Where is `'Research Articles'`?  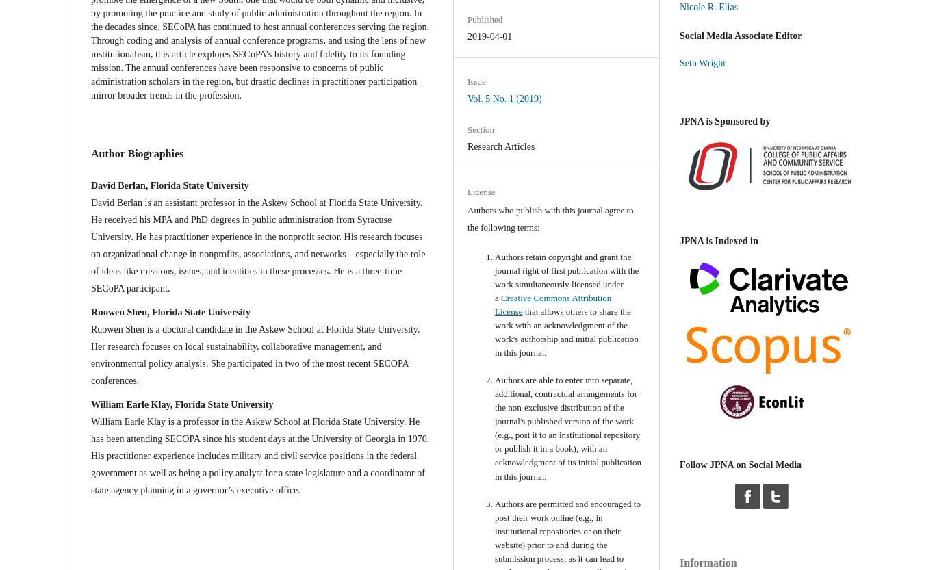 'Research Articles' is located at coordinates (501, 146).